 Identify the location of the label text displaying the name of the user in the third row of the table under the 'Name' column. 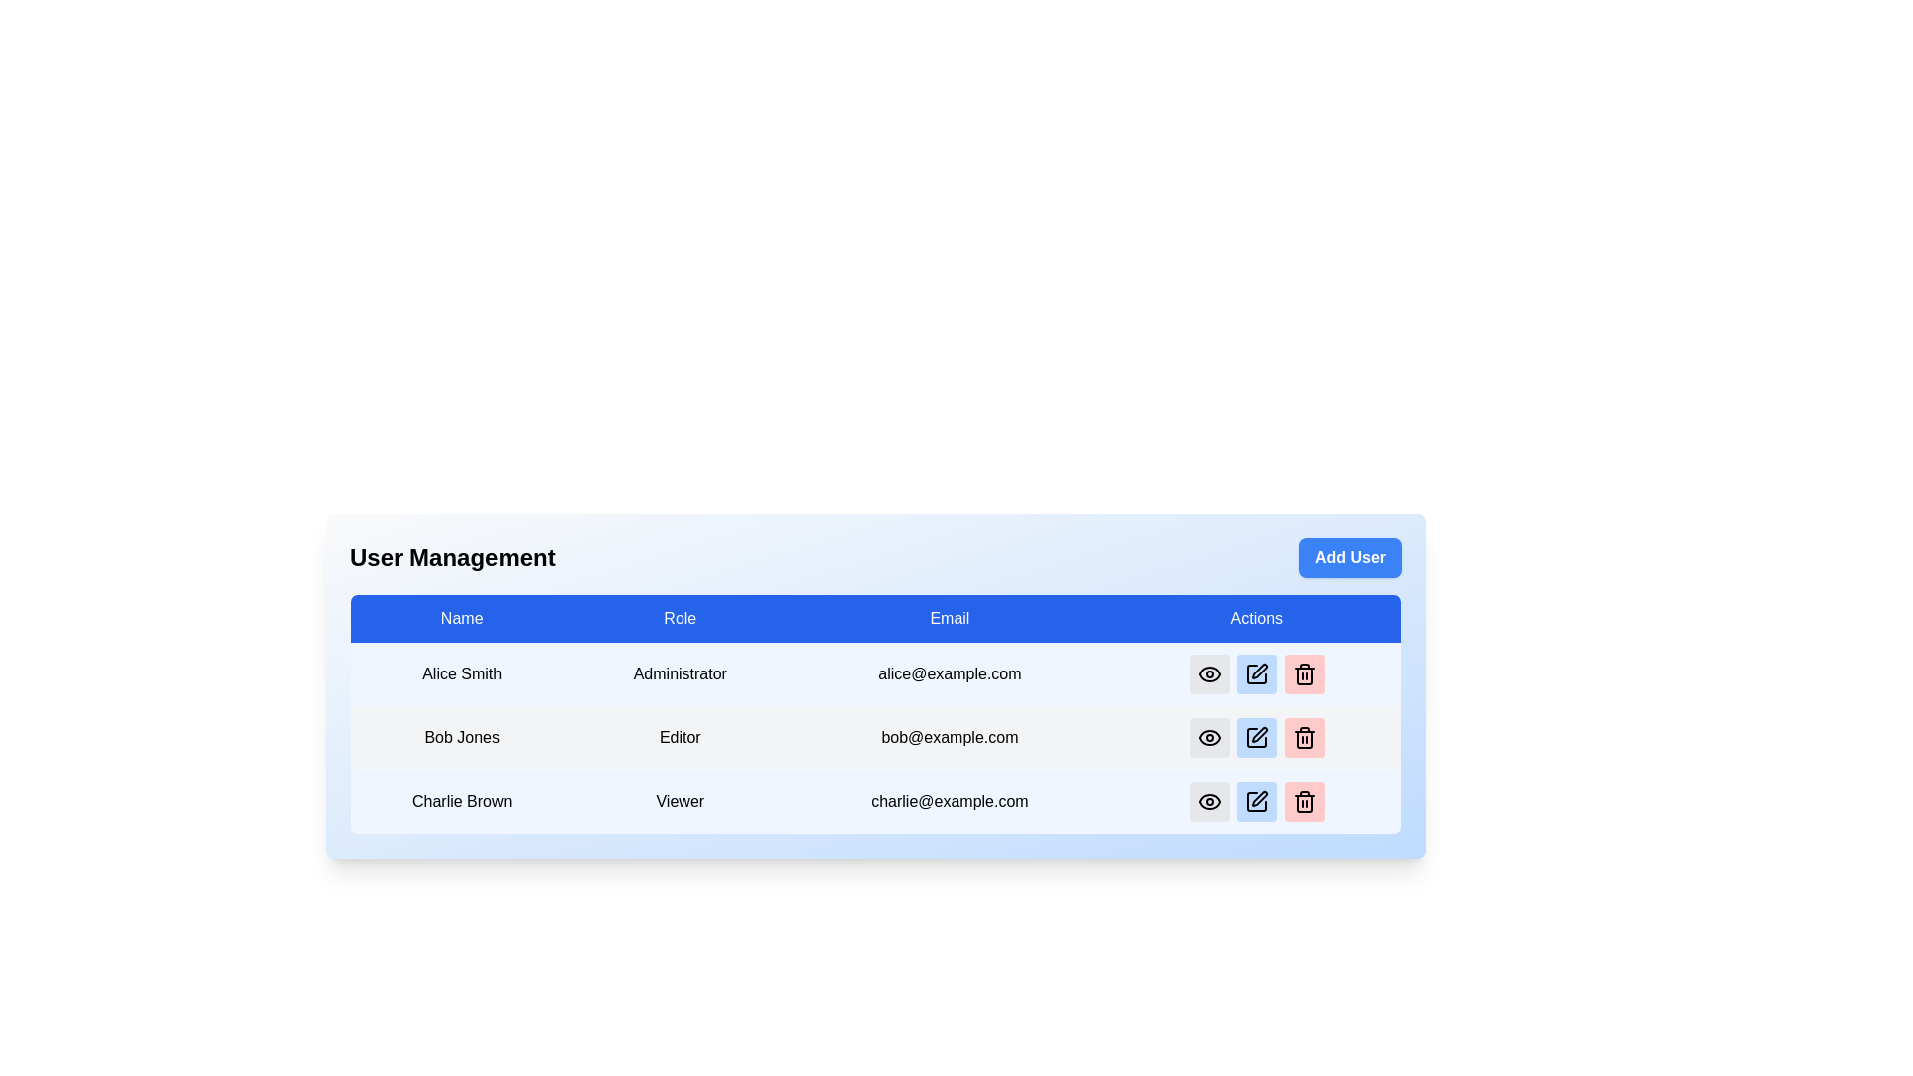
(460, 801).